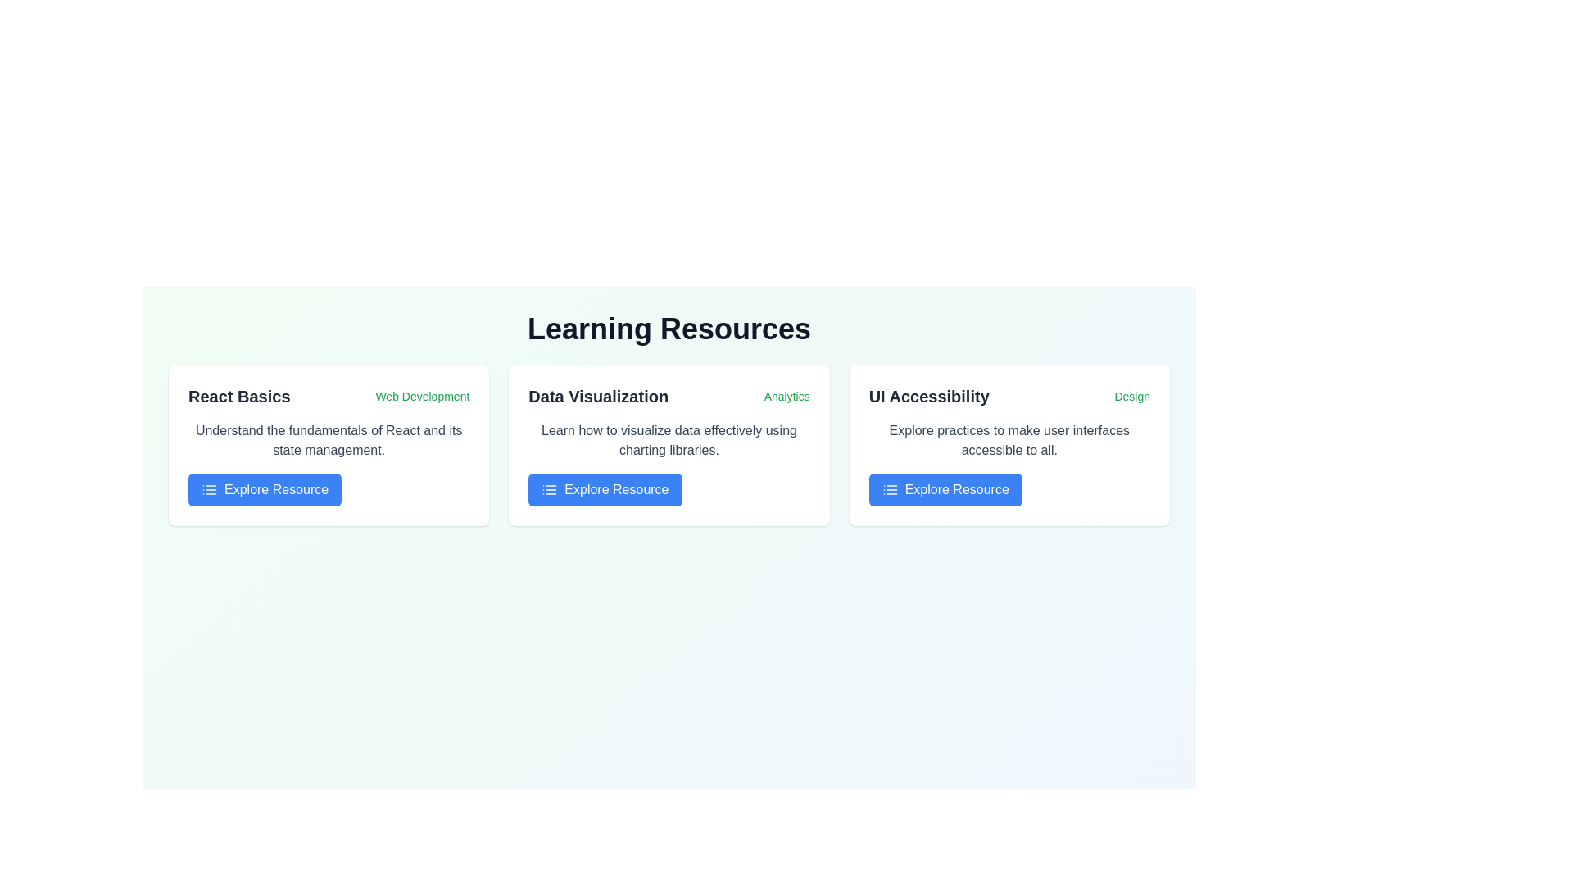  Describe the element at coordinates (328, 396) in the screenshot. I see `the text label located in the top-left corner of the first card` at that location.